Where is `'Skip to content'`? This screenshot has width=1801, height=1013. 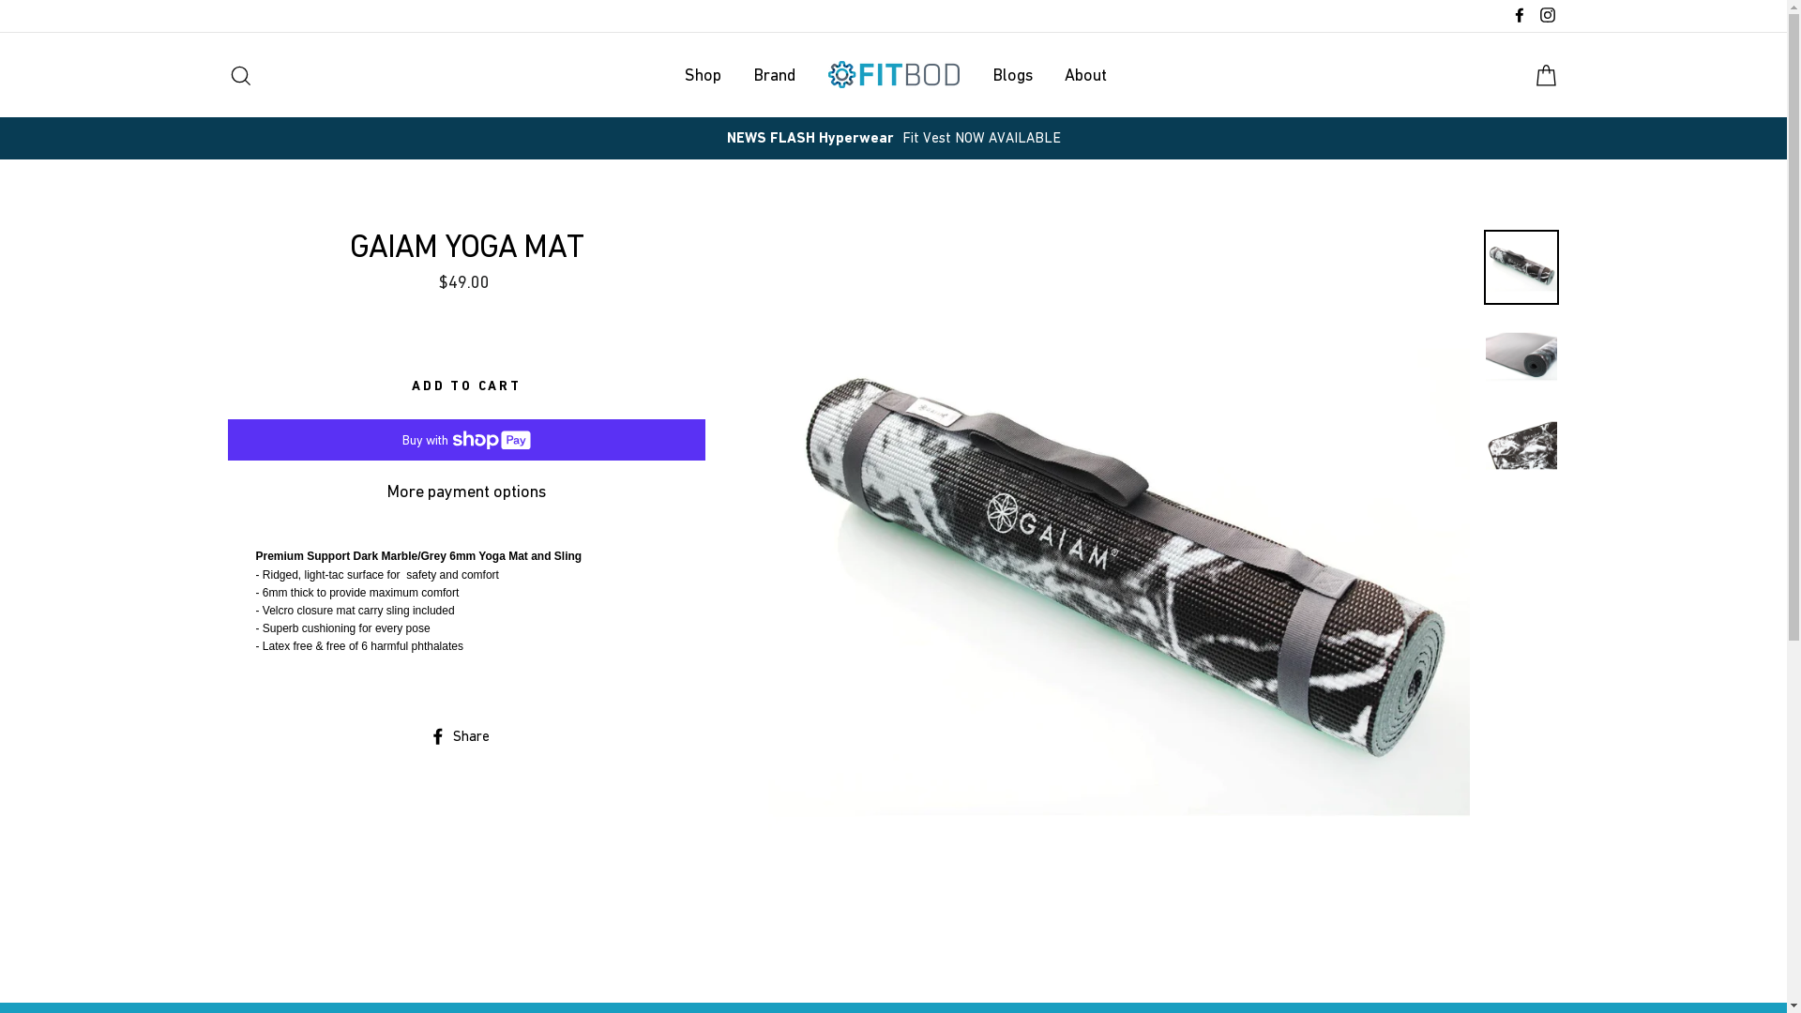
'Skip to content' is located at coordinates (0, 0).